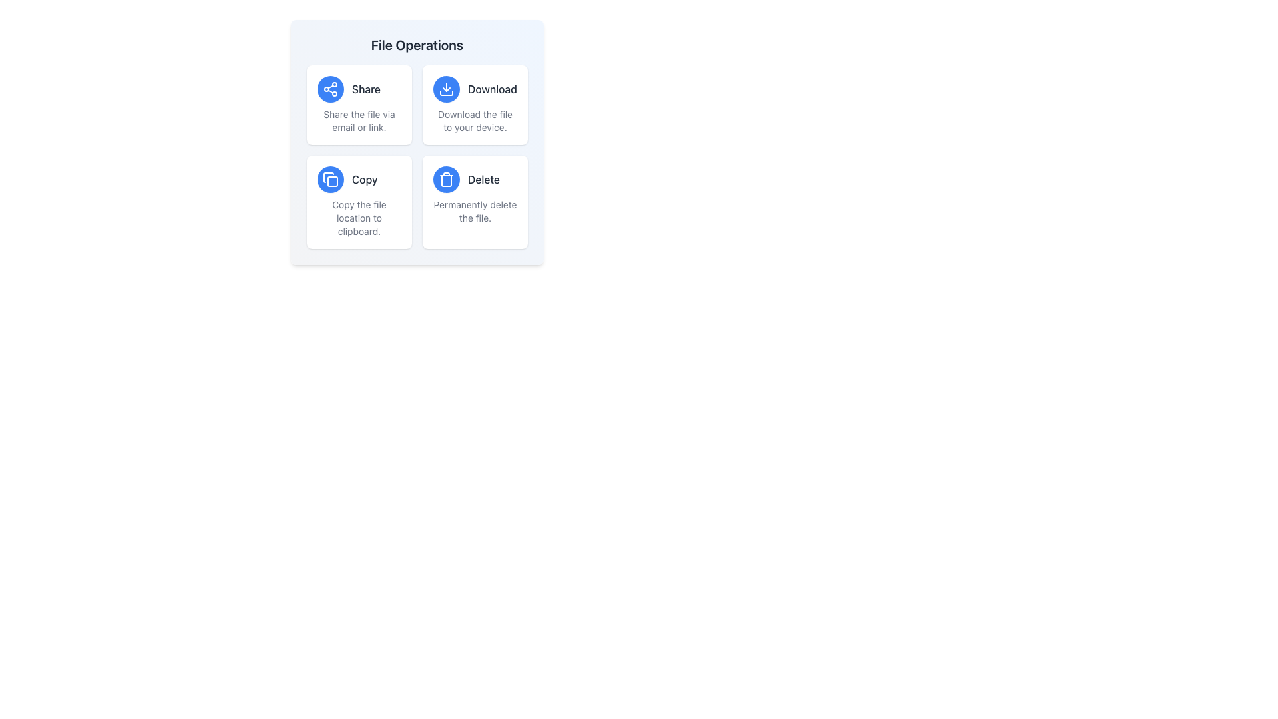 The height and width of the screenshot is (719, 1278). What do you see at coordinates (331, 180) in the screenshot?
I see `the blue circular button with a white icon of two overlapping squares located in the lower-left section of the grid under 'File Operations' to copy the file location` at bounding box center [331, 180].